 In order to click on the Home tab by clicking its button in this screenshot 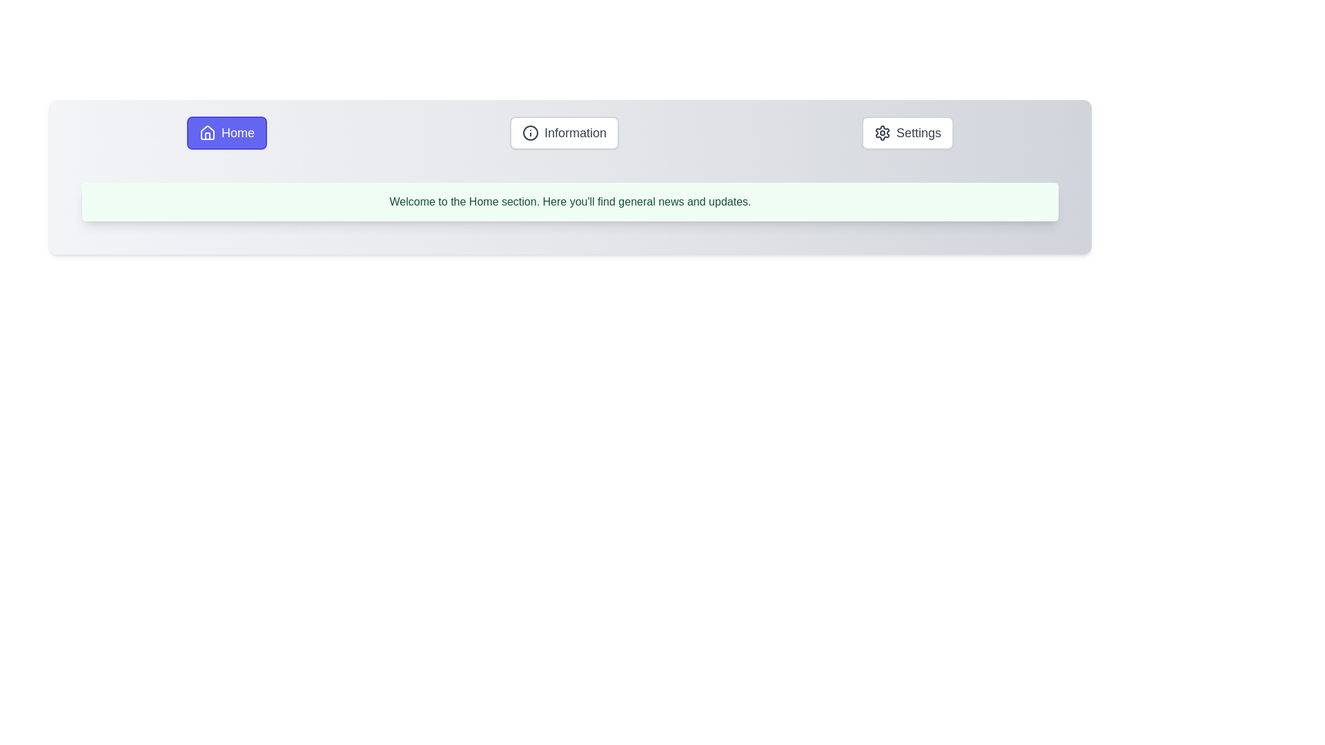, I will do `click(226, 132)`.